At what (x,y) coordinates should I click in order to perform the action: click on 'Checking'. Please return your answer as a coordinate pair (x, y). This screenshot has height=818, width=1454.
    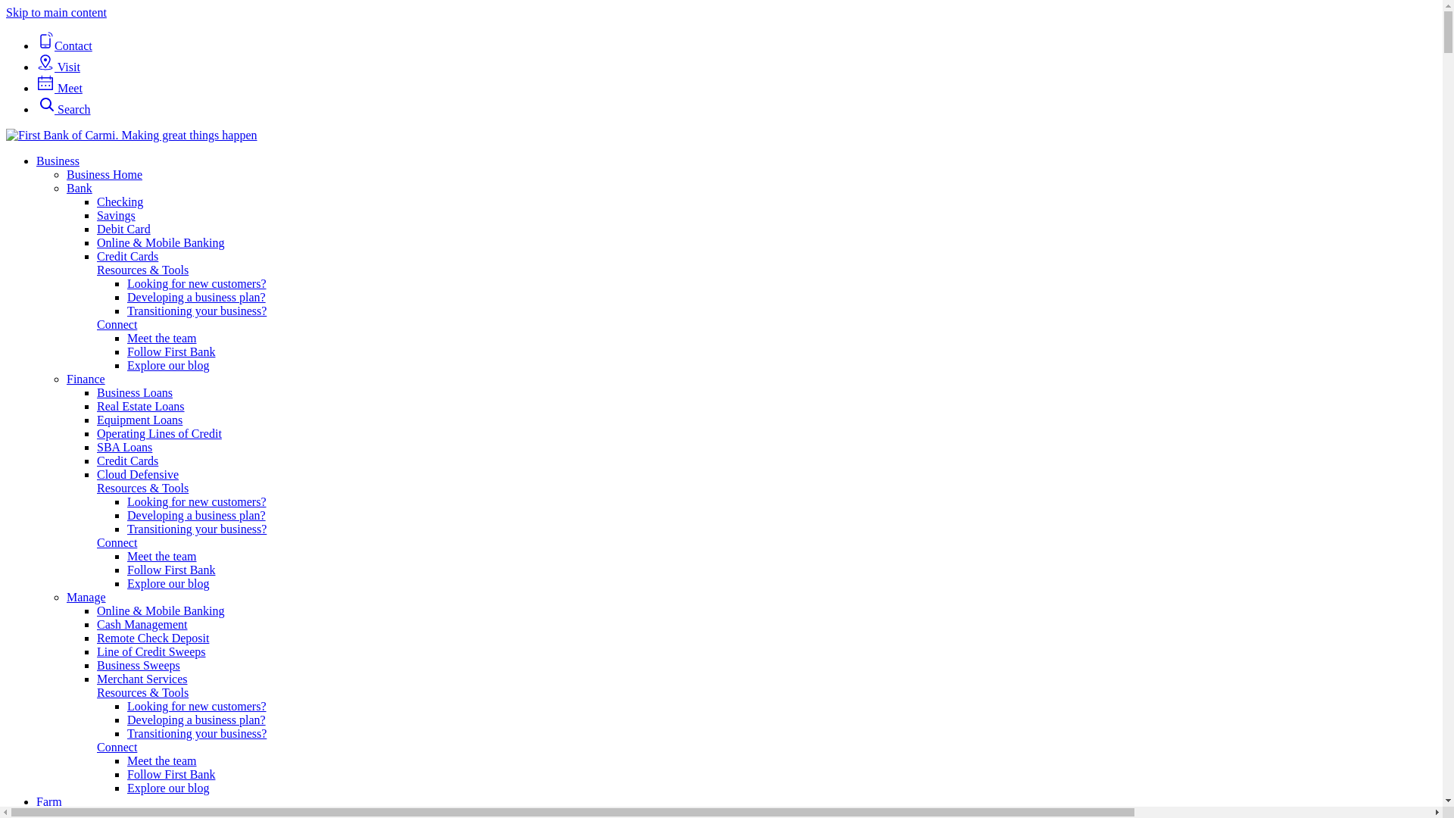
    Looking at the image, I should click on (96, 201).